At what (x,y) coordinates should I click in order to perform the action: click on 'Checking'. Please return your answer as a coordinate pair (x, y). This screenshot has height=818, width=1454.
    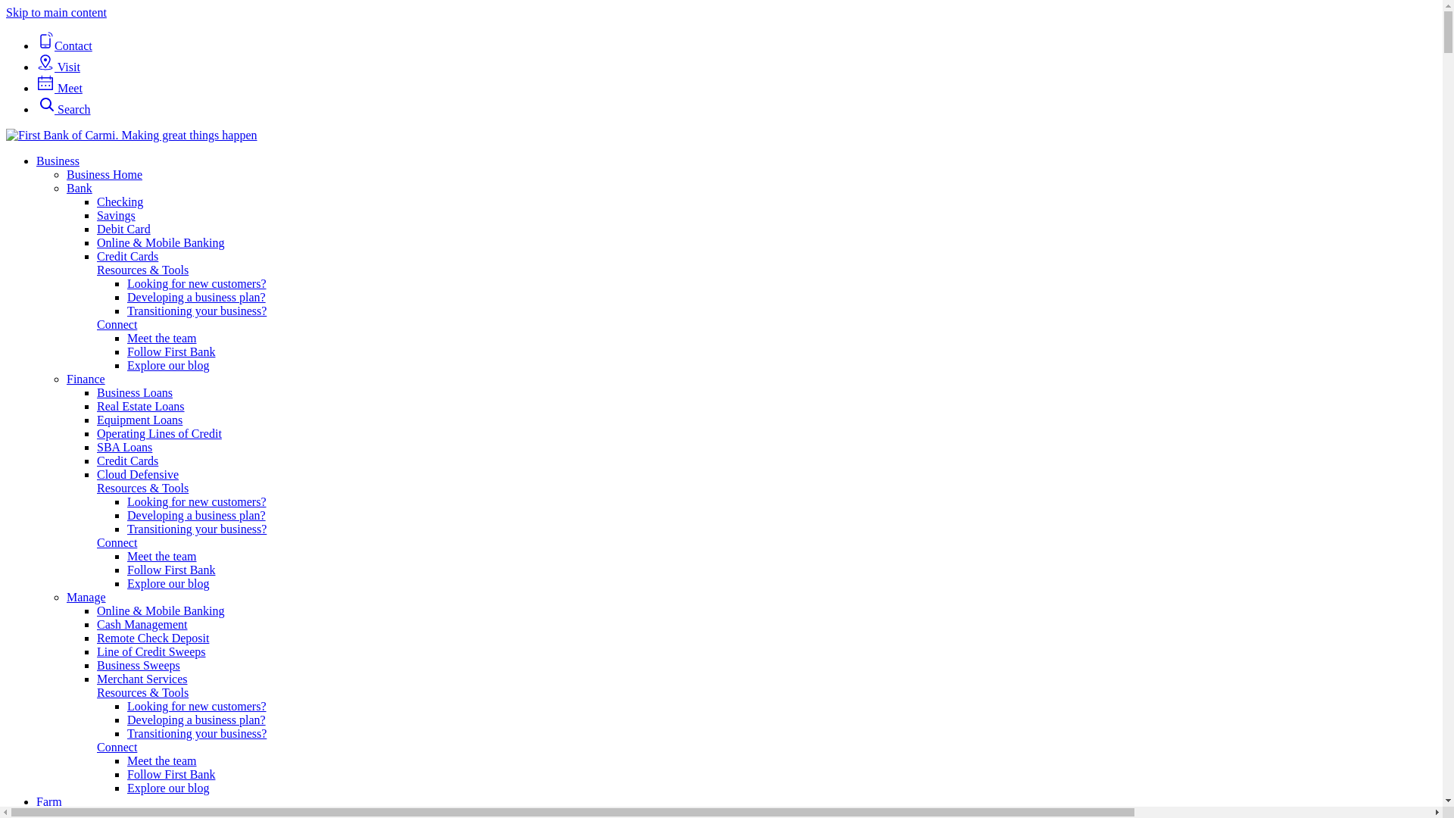
    Looking at the image, I should click on (96, 201).